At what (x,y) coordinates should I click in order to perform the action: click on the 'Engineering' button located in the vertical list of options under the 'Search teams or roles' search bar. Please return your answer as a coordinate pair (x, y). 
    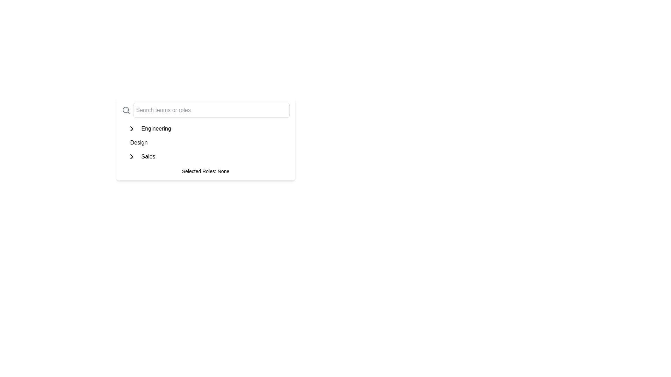
    Looking at the image, I should click on (214, 129).